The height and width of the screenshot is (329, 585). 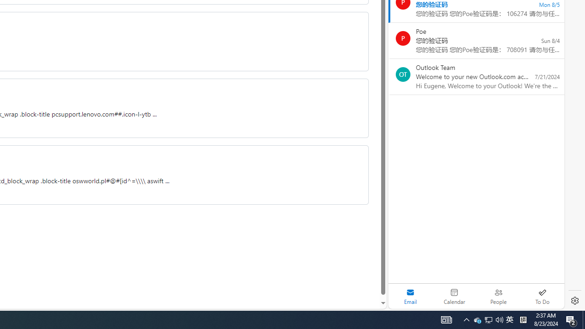 What do you see at coordinates (542, 296) in the screenshot?
I see `'To Do'` at bounding box center [542, 296].